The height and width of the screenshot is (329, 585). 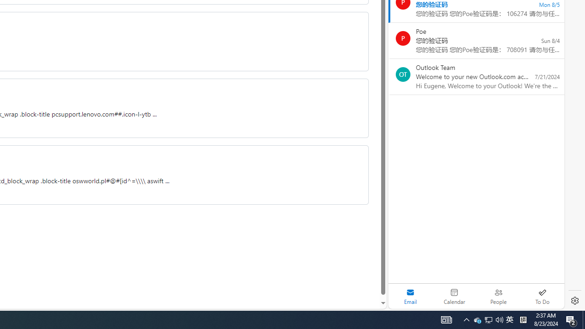 What do you see at coordinates (542, 296) in the screenshot?
I see `'To Do'` at bounding box center [542, 296].